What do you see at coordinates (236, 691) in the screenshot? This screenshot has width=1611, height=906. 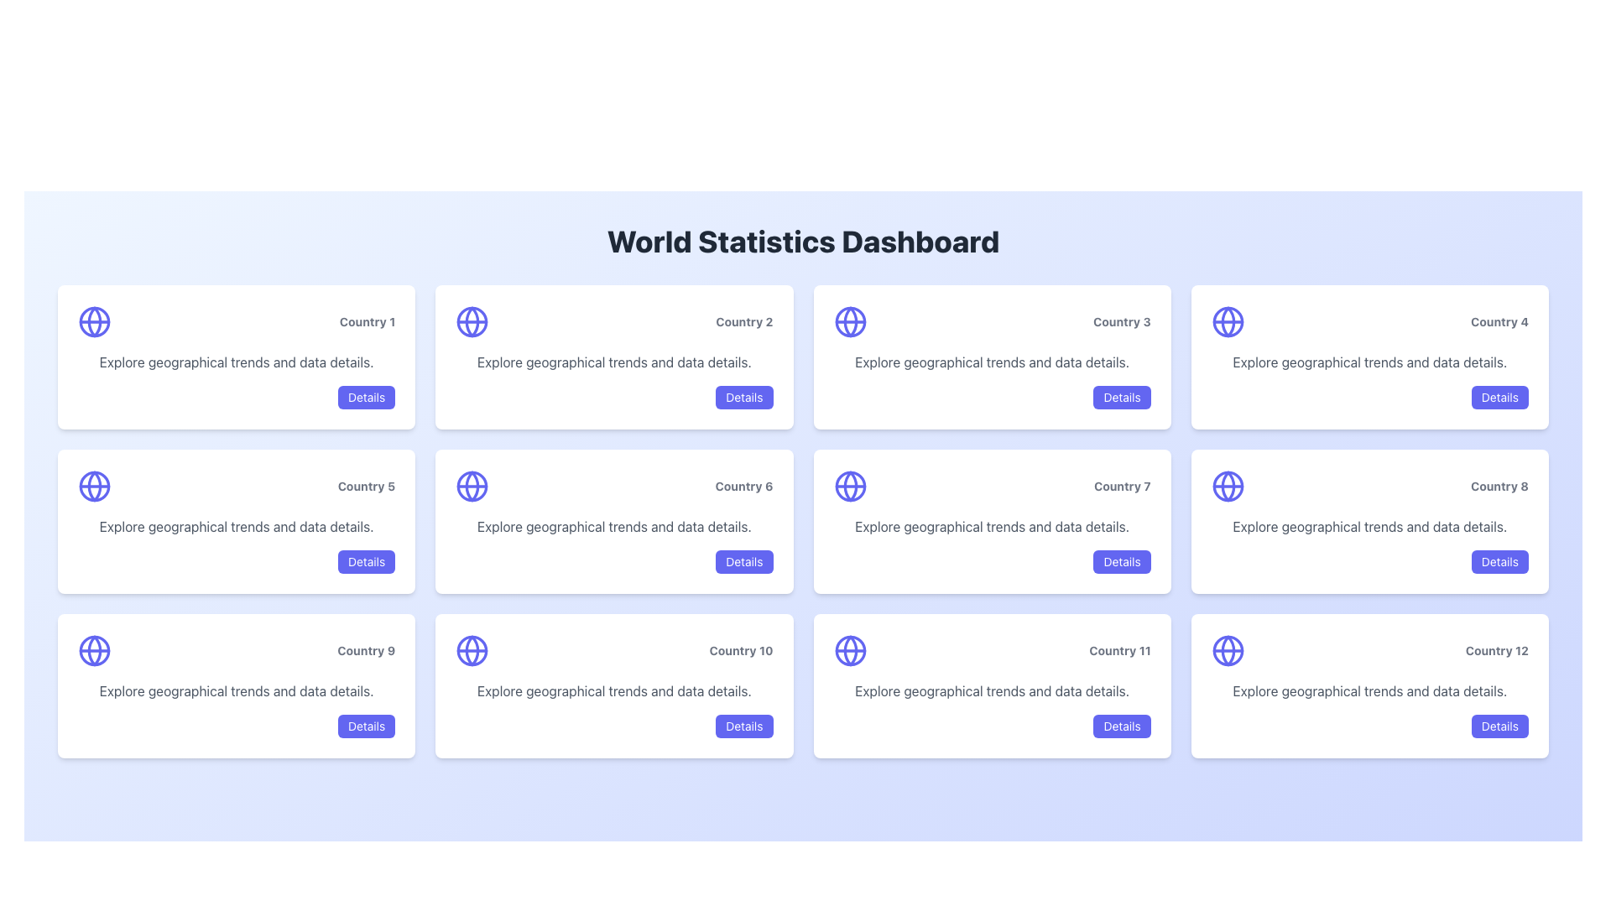 I see `the Text Display element containing the text 'Explore geographical trends and data details.' which is located within the card labeled 'Country 9'` at bounding box center [236, 691].